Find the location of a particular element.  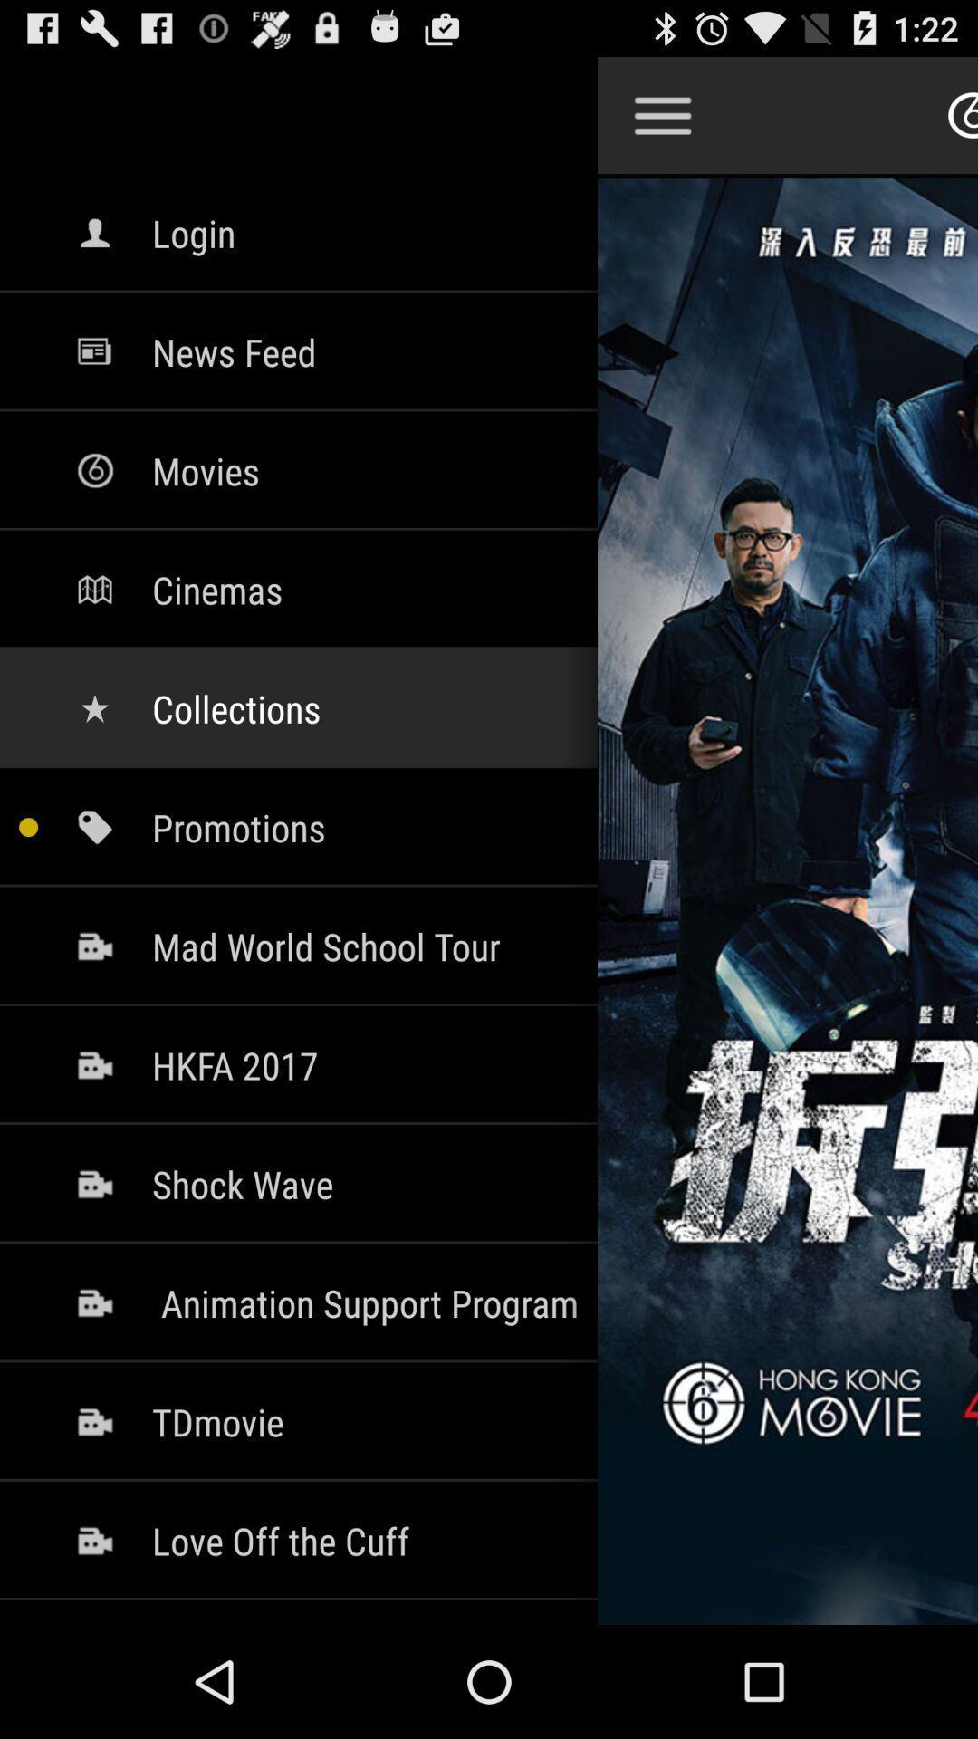

the icon which is beside promotions is located at coordinates (94, 826).